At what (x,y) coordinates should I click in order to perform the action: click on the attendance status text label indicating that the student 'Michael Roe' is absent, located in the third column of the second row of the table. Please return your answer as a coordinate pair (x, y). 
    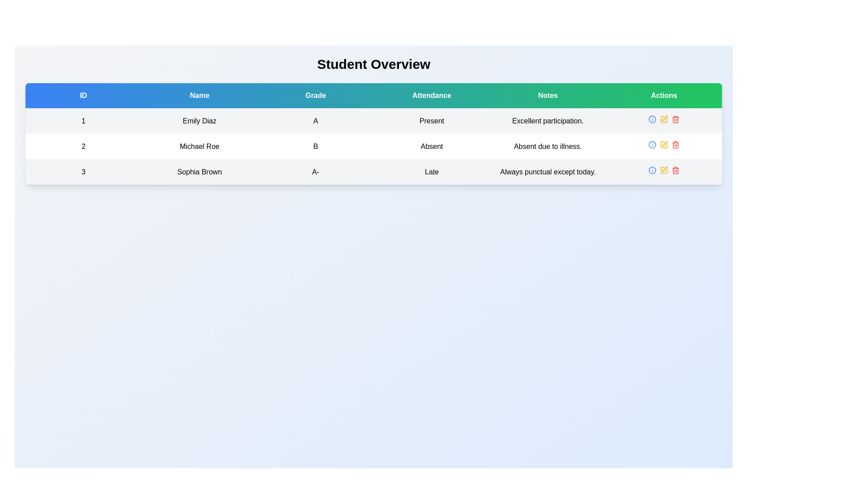
    Looking at the image, I should click on (432, 146).